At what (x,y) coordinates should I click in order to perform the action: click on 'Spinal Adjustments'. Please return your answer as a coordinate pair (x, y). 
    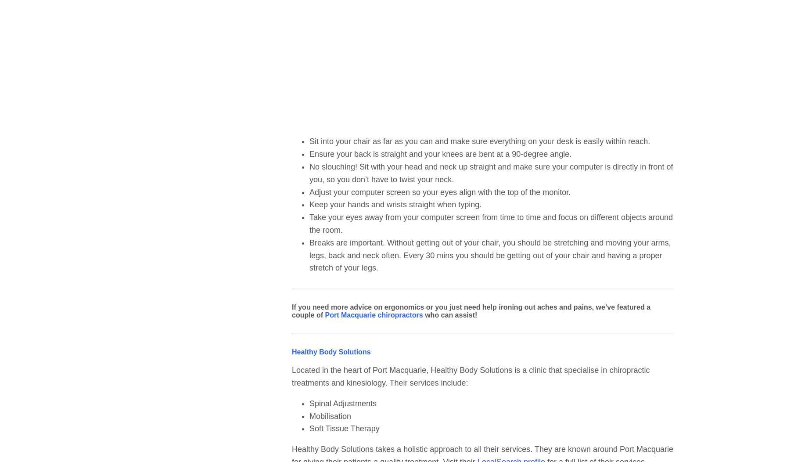
    Looking at the image, I should click on (343, 403).